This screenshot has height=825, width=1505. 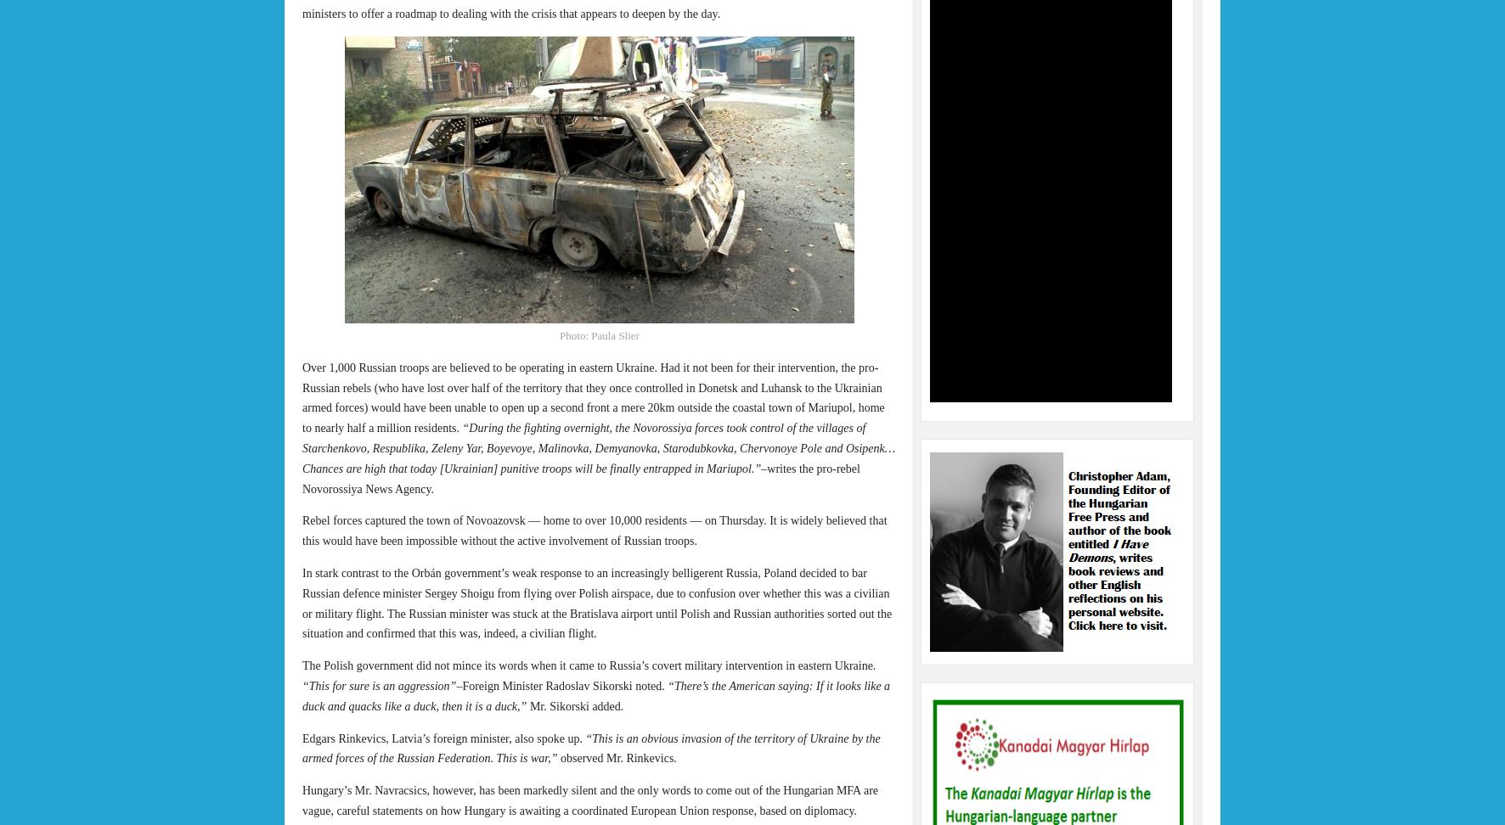 What do you see at coordinates (588, 665) in the screenshot?
I see `'The Polish government did not mince its words when it came to Russia’s covert military intervention in eastern Ukraine.'` at bounding box center [588, 665].